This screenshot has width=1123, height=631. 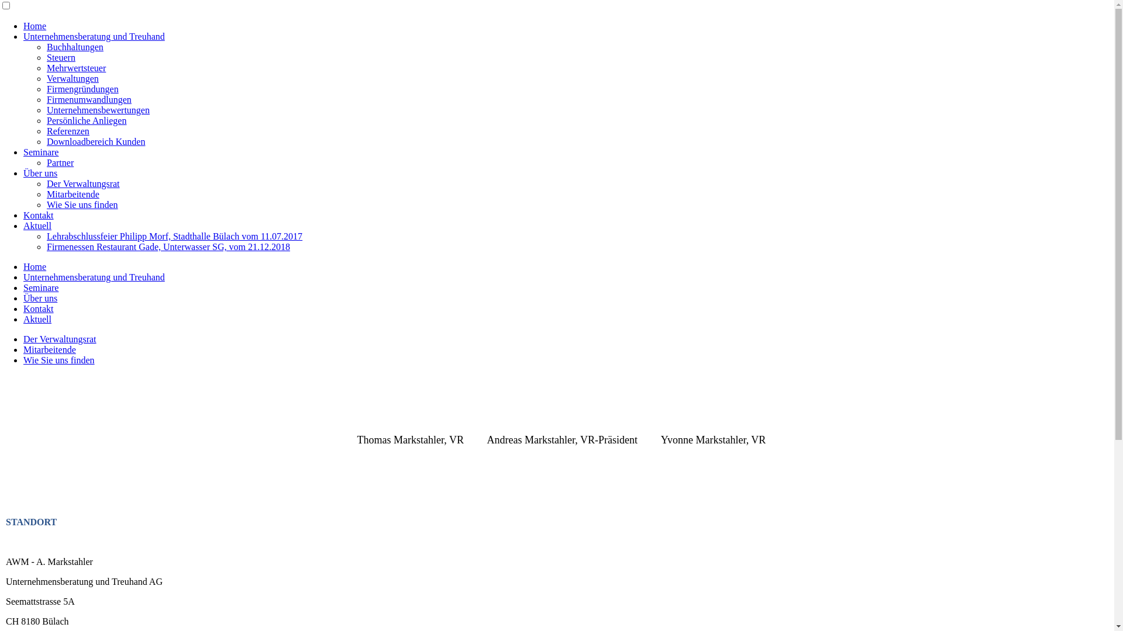 What do you see at coordinates (81, 204) in the screenshot?
I see `'Wie Sie uns finden'` at bounding box center [81, 204].